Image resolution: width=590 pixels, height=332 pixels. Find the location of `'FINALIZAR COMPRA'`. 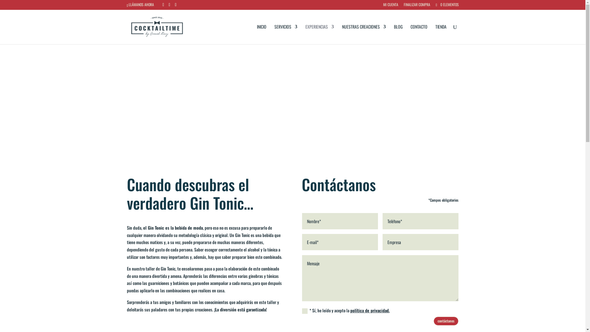

'FINALIZAR COMPRA' is located at coordinates (417, 6).